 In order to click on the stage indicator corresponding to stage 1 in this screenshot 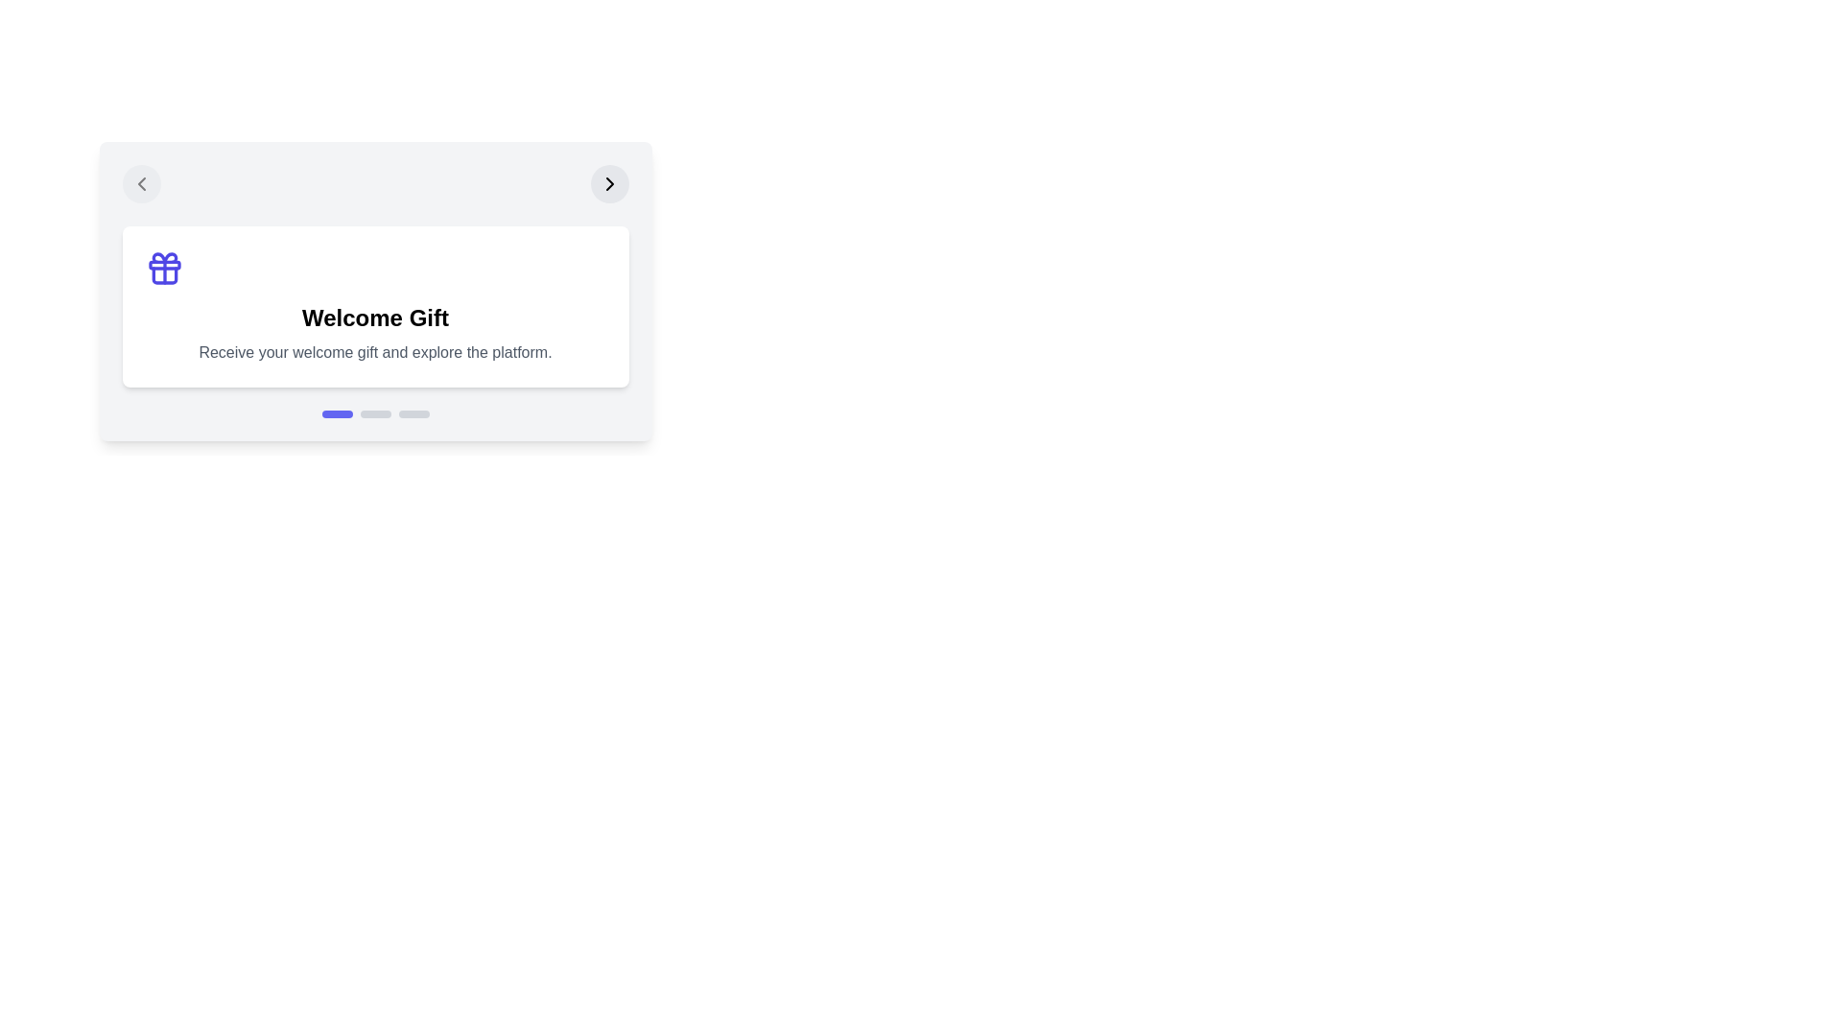, I will do `click(337, 413)`.